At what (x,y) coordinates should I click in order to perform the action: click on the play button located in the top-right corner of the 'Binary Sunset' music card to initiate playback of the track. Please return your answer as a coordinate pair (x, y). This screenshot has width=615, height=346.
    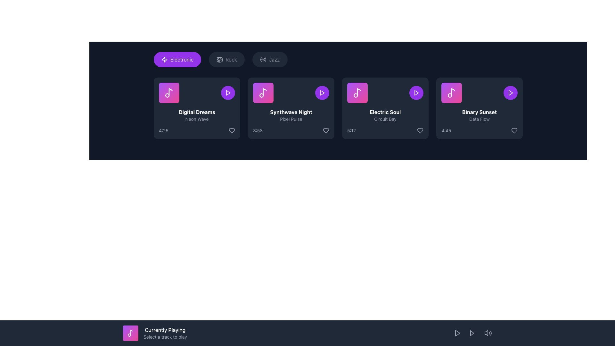
    Looking at the image, I should click on (510, 93).